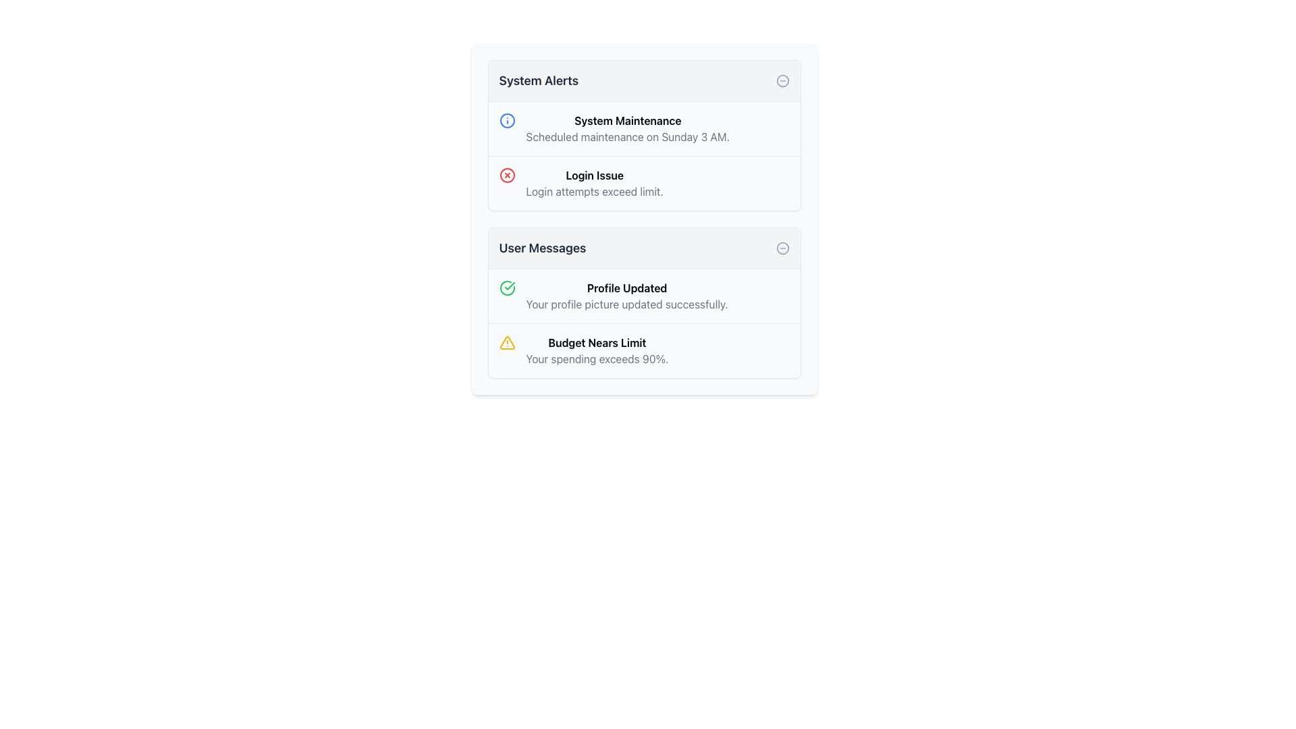 This screenshot has width=1296, height=729. I want to click on information from the first notification in the 'System Alerts' section, which states 'System Maintenance' and 'Scheduled maintenance on Sunday 3 AM.', so click(627, 129).